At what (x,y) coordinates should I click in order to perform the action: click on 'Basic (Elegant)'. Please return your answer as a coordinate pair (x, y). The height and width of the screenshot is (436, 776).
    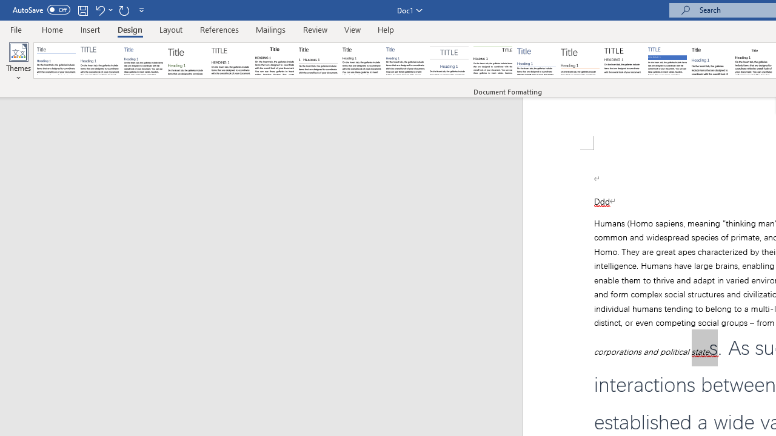
    Looking at the image, I should click on (100, 61).